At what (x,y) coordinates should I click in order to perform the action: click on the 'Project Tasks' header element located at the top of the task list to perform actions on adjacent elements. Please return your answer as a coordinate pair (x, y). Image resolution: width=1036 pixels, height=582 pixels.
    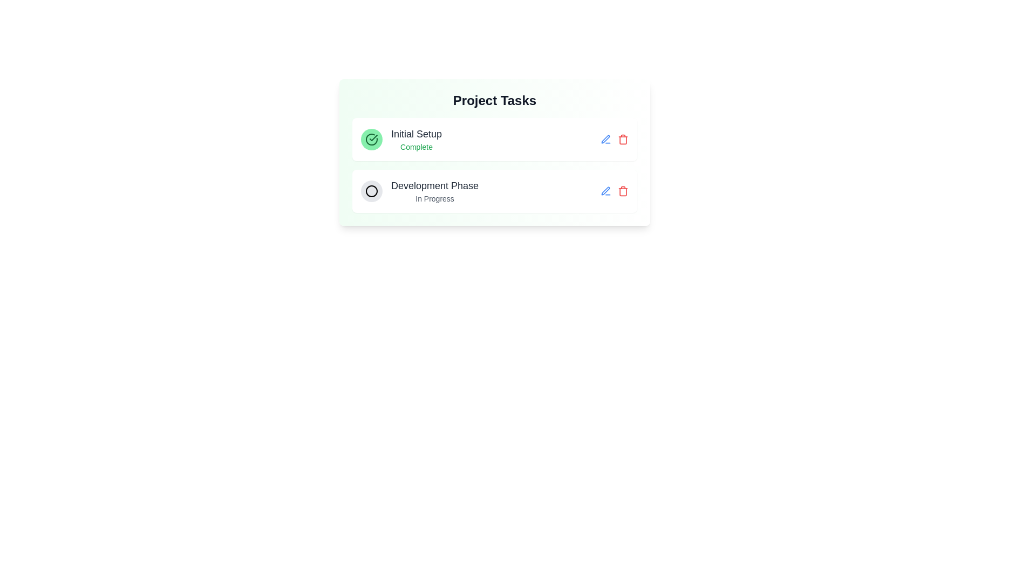
    Looking at the image, I should click on (494, 100).